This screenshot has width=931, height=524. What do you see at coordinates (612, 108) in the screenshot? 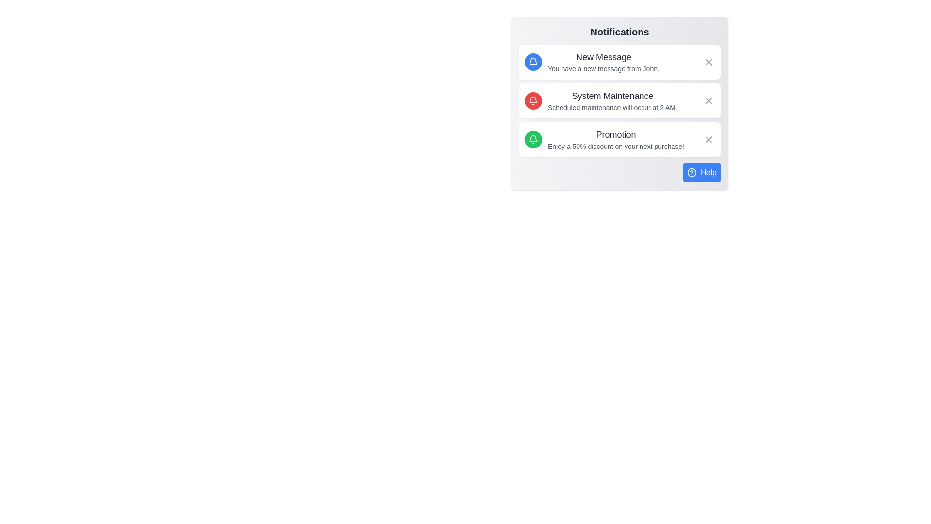
I see `second line of text in the notification card titled 'System Maintenance', which informs the user about scheduled maintenance` at bounding box center [612, 108].